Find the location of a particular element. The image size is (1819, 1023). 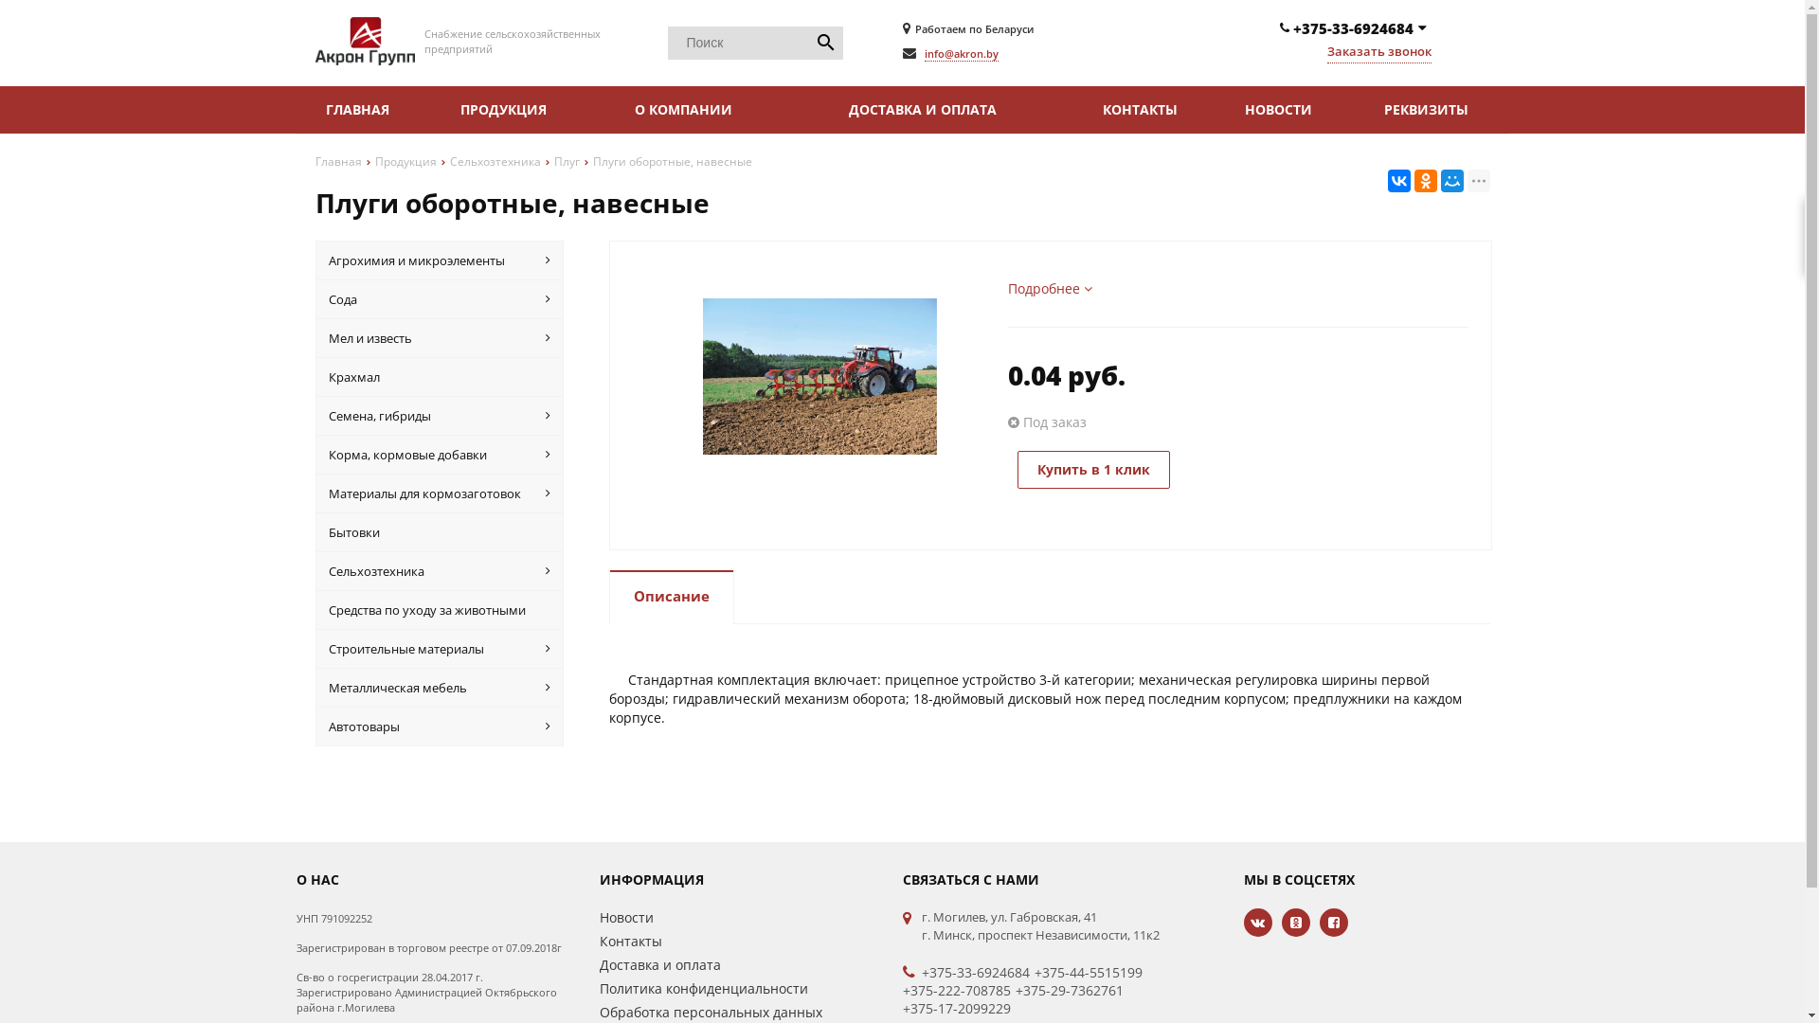

'+375-17-2099229' is located at coordinates (955, 1007).